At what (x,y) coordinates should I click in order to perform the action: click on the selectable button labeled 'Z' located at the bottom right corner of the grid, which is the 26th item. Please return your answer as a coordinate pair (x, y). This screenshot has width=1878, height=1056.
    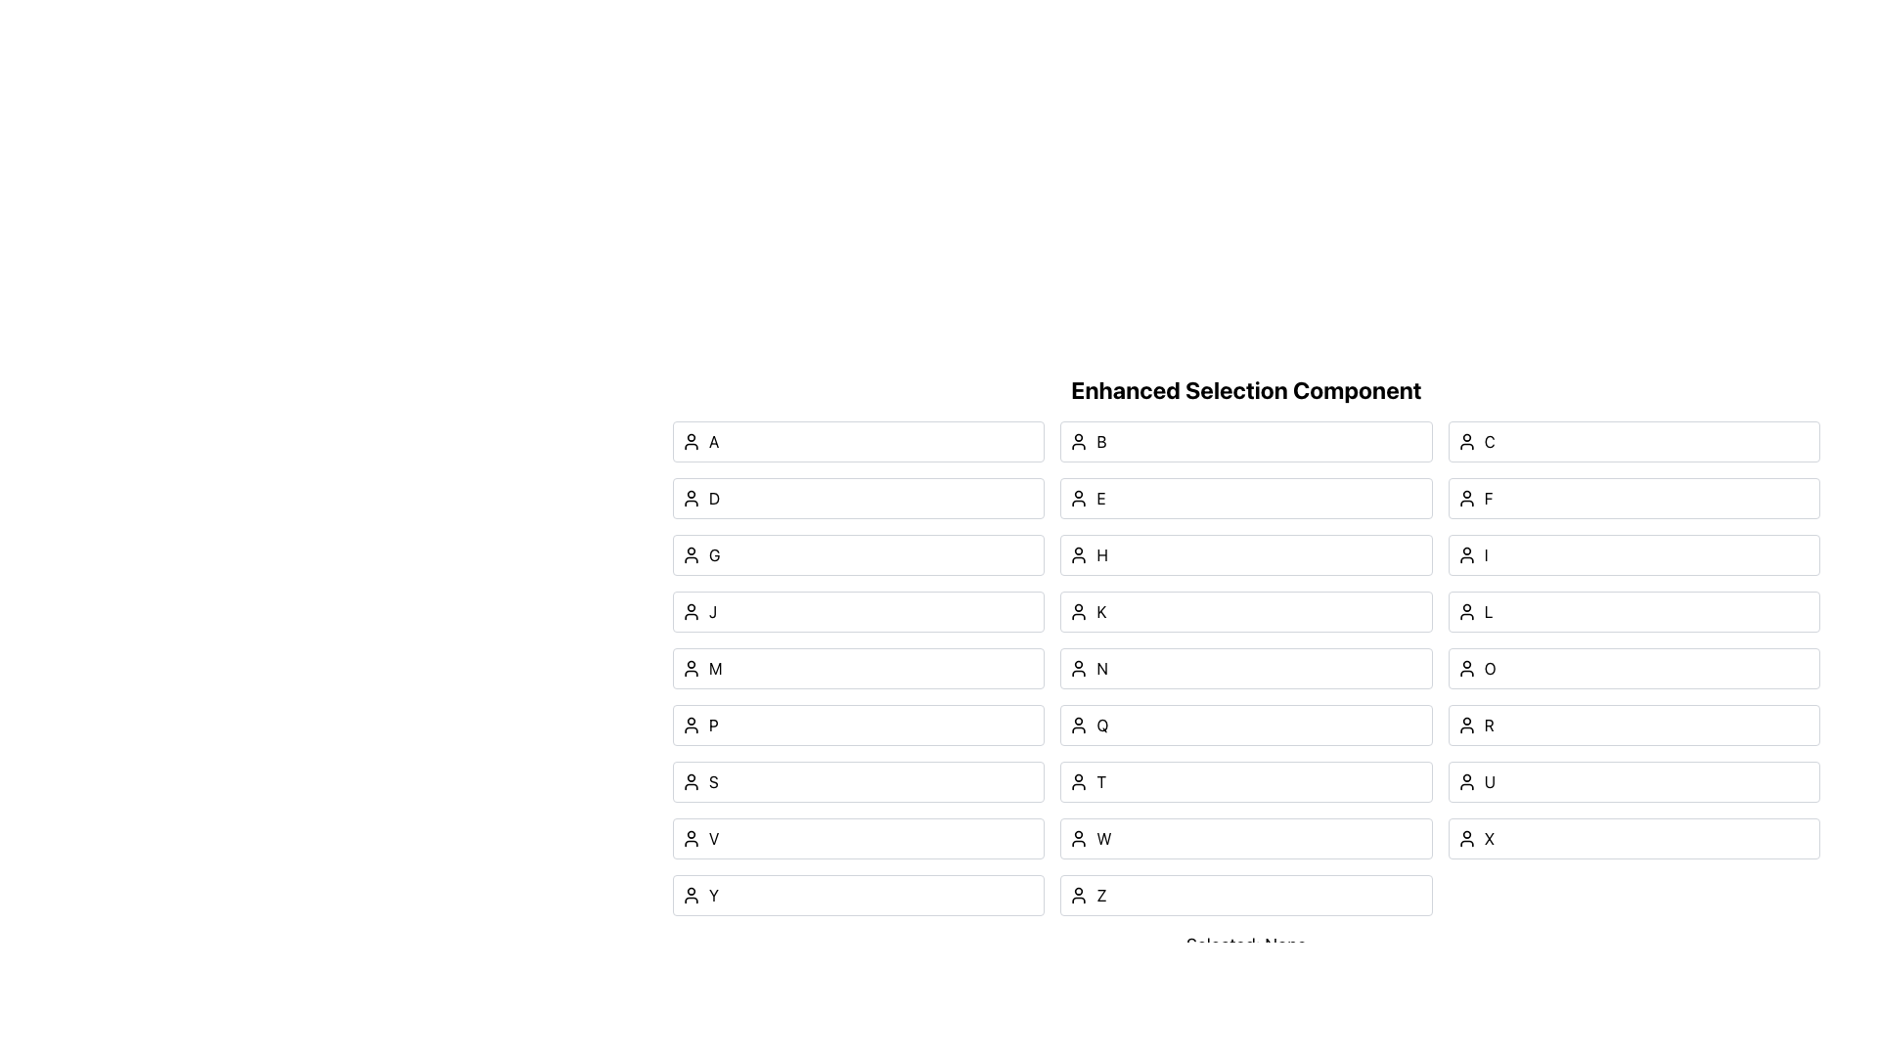
    Looking at the image, I should click on (1245, 895).